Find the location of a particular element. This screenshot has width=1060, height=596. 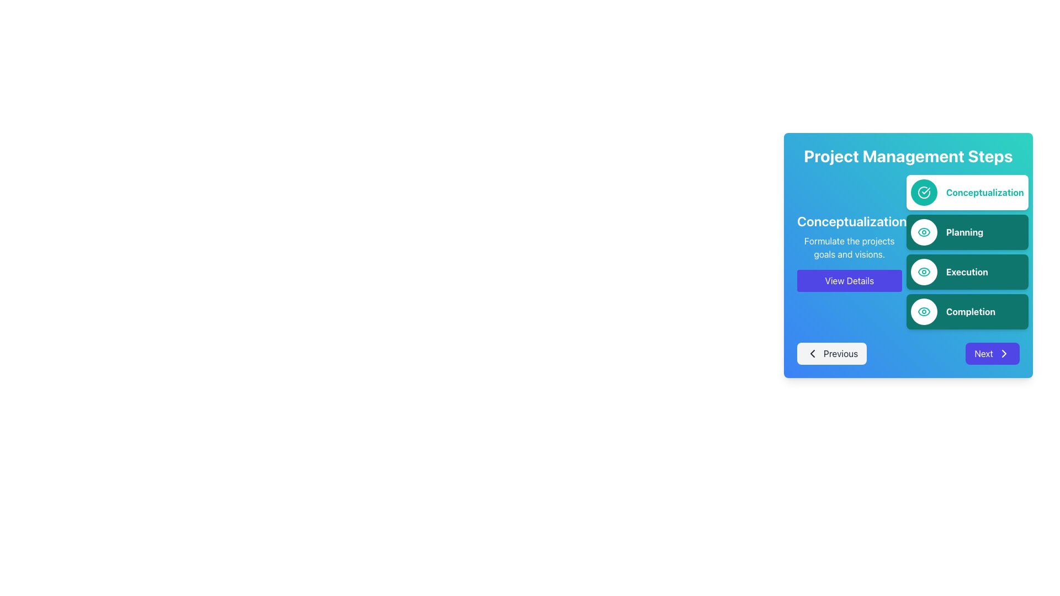

the graphic icon located on the left side of the 'Previous' button, which indicates navigation to the previous page is located at coordinates (813, 353).